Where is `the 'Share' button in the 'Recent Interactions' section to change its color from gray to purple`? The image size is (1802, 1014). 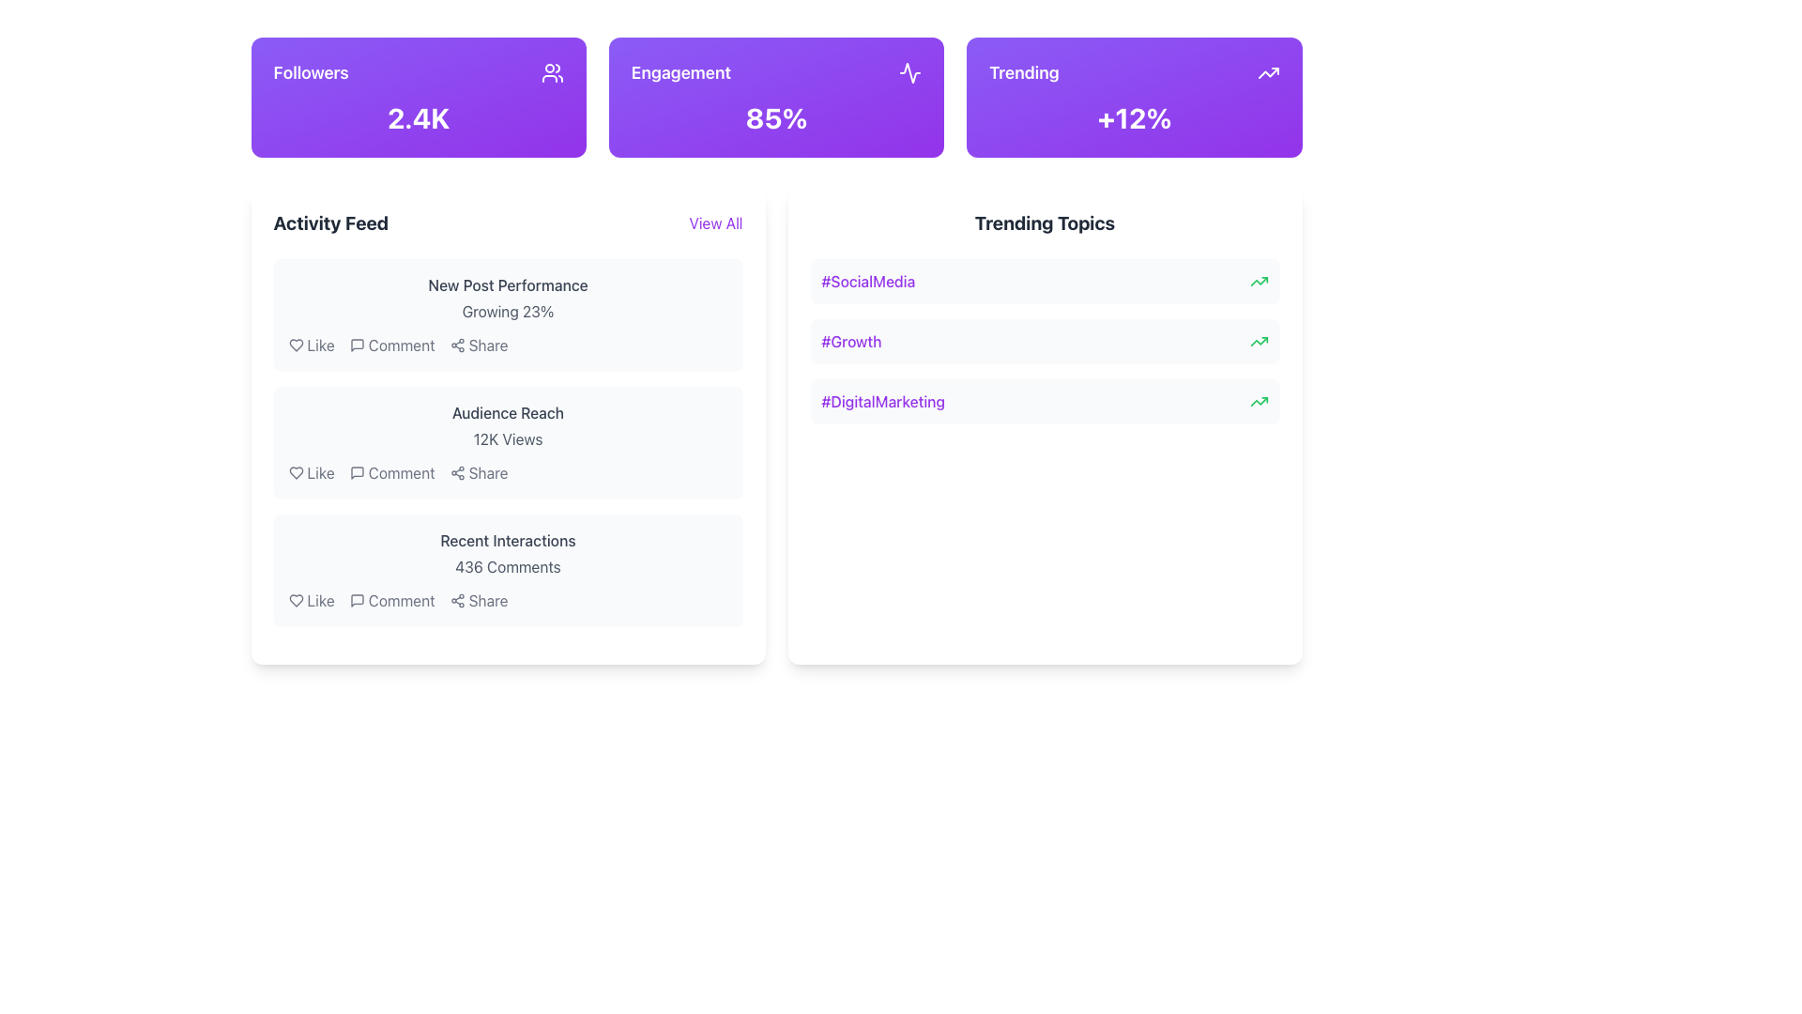
the 'Share' button in the 'Recent Interactions' section to change its color from gray to purple is located at coordinates (479, 601).